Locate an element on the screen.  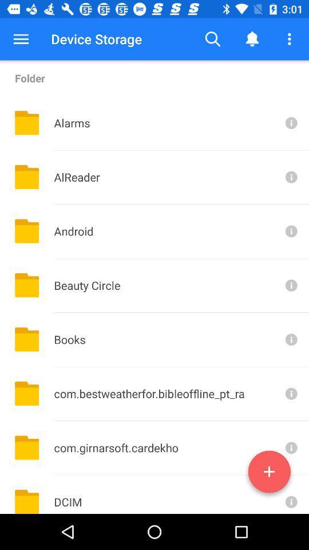
folder information is located at coordinates (290, 447).